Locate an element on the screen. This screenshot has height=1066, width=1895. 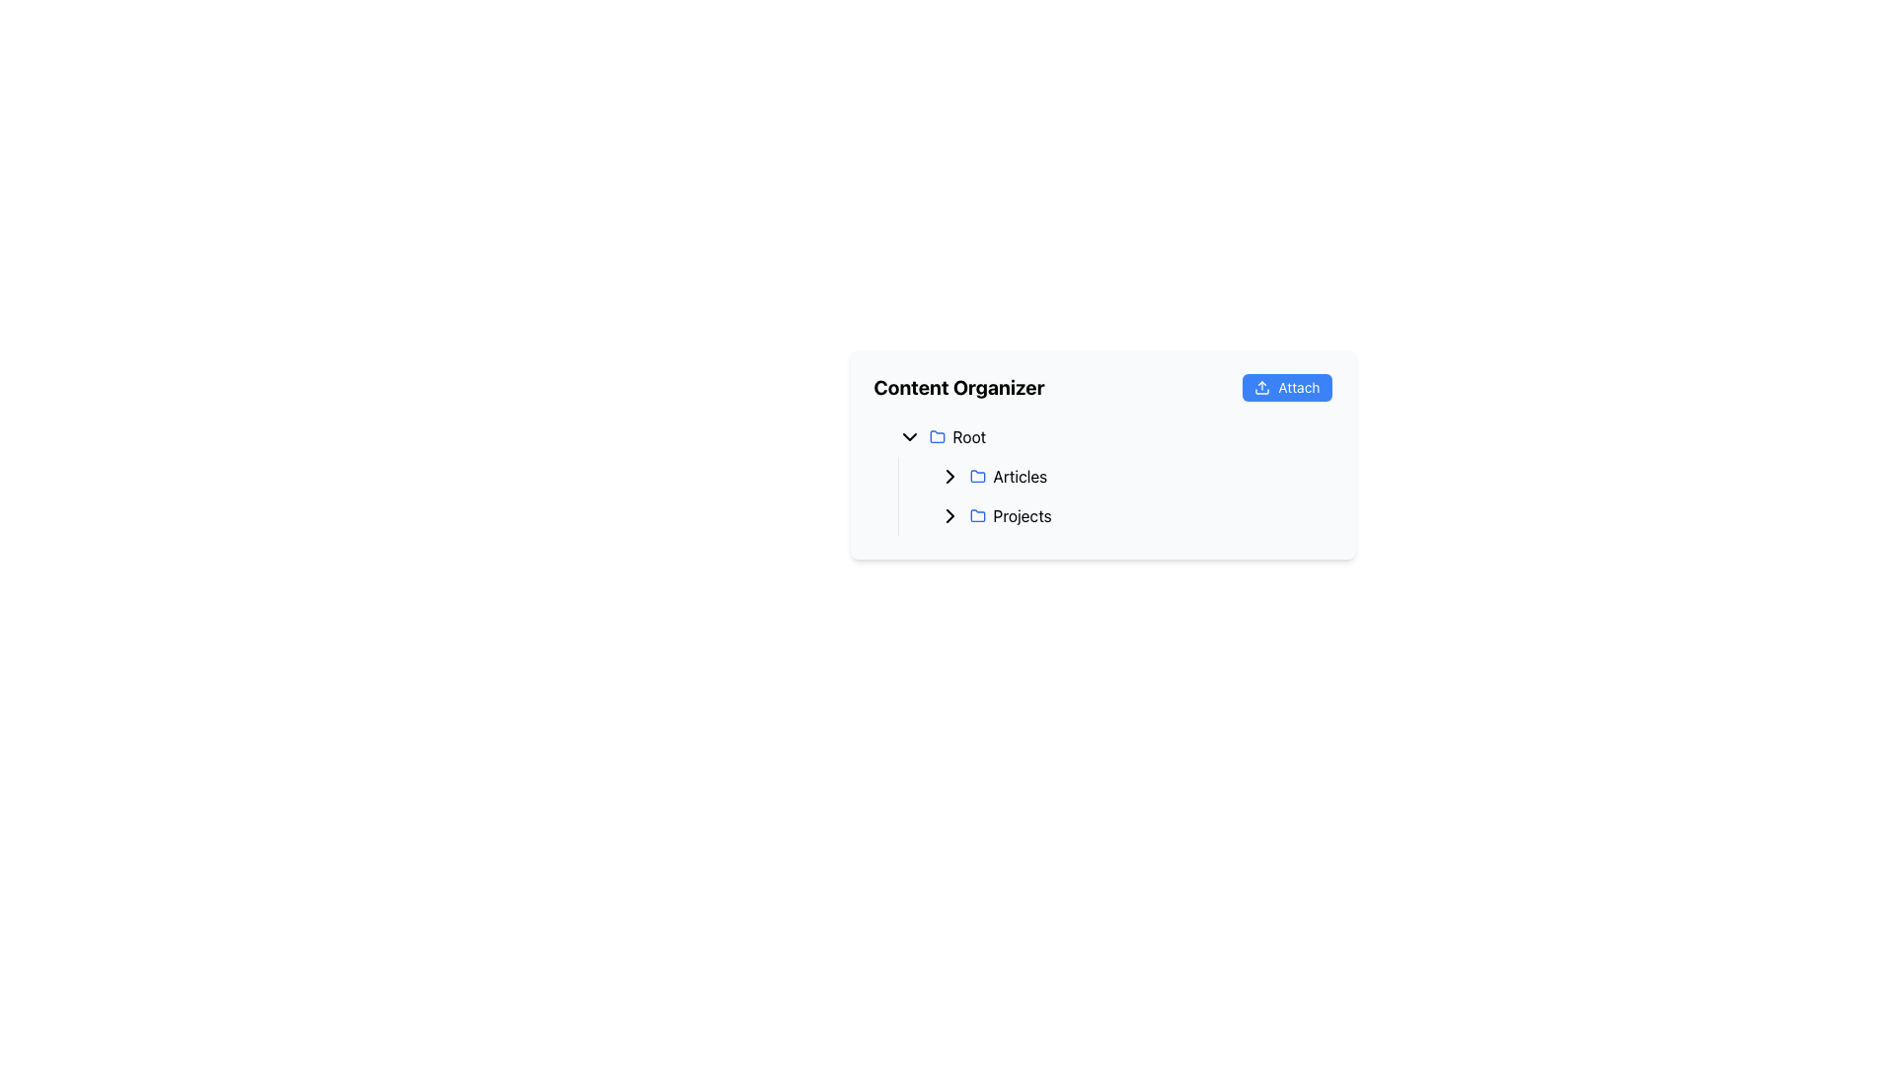
the top-level folder text label in the Content Organizer is located at coordinates (969, 436).